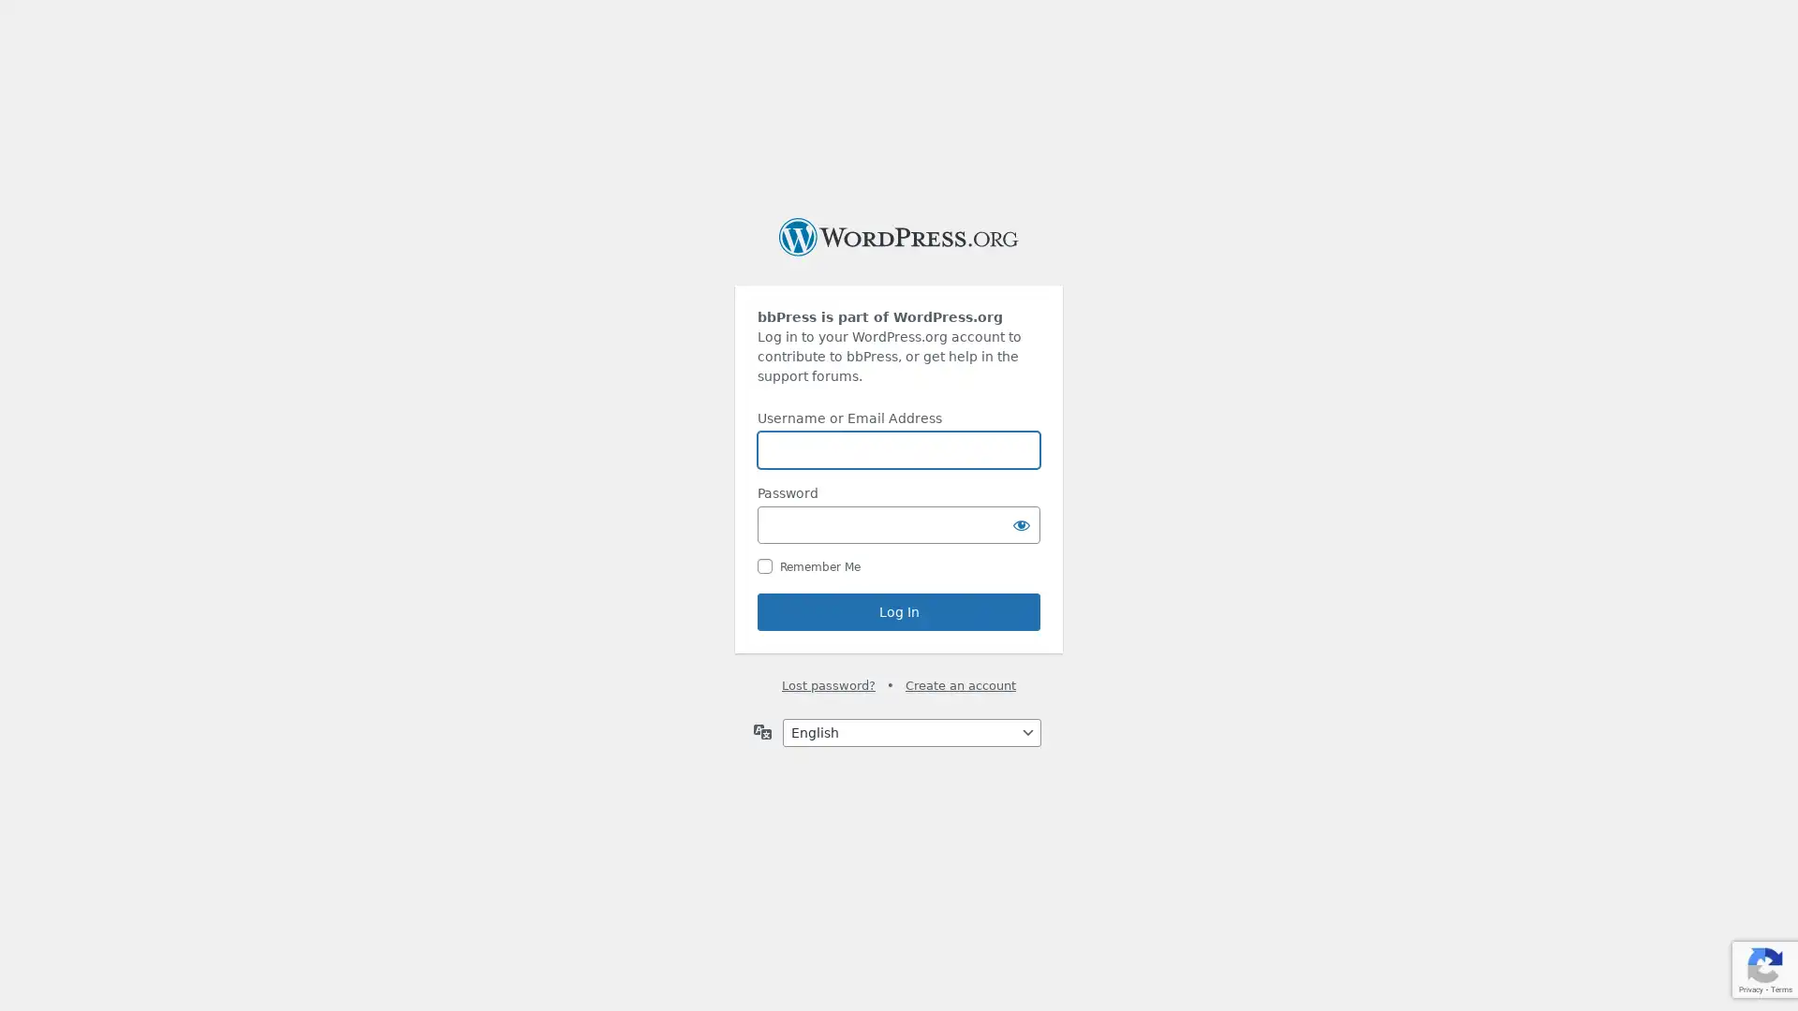 The width and height of the screenshot is (1798, 1011). I want to click on Show password, so click(1020, 524).